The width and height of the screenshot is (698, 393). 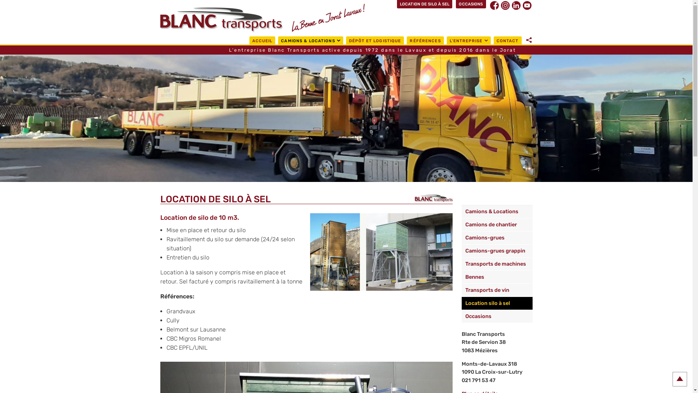 I want to click on 'ACCUEIL', so click(x=249, y=40).